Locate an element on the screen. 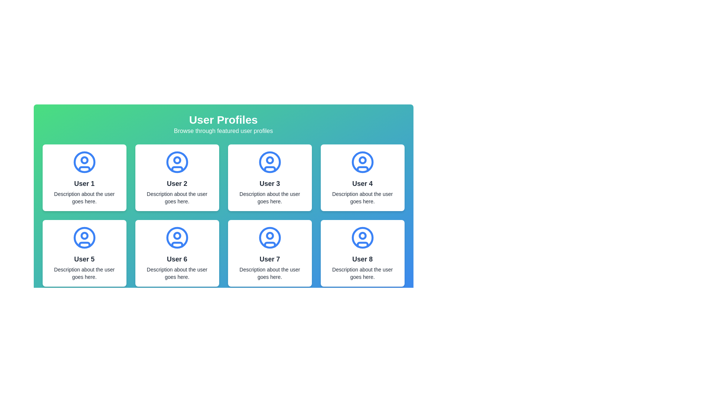  the user name text in the fourth profile card located in the upper-right corner of the grid is located at coordinates (362, 183).